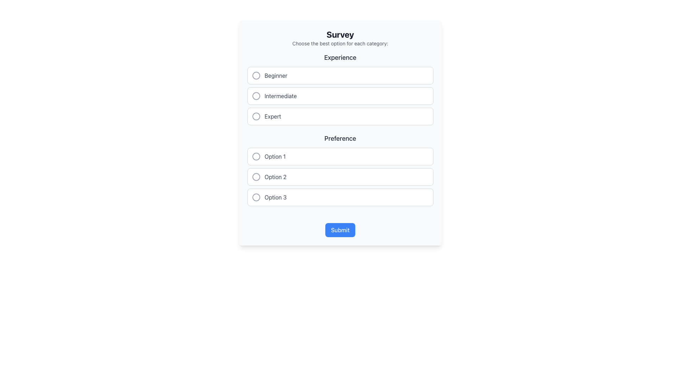  Describe the element at coordinates (340, 176) in the screenshot. I see `the second selectable option block labeled 'Option 2' located under the 'Preference' section` at that location.